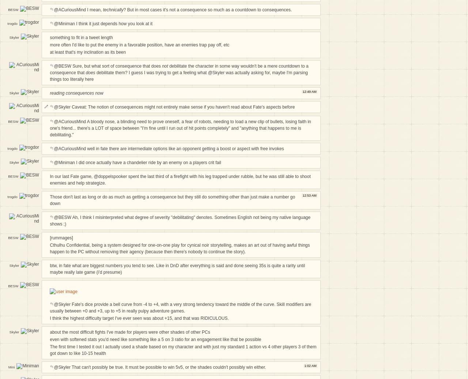 The width and height of the screenshot is (468, 379). Describe the element at coordinates (139, 318) in the screenshot. I see `'I think the highest difficulty target I've ever seen was about +15, and that was RIDICULOUS.'` at that location.